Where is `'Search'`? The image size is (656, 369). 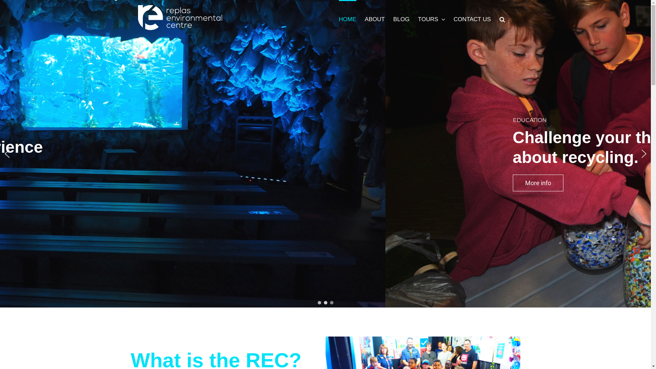
'Search' is located at coordinates (502, 18).